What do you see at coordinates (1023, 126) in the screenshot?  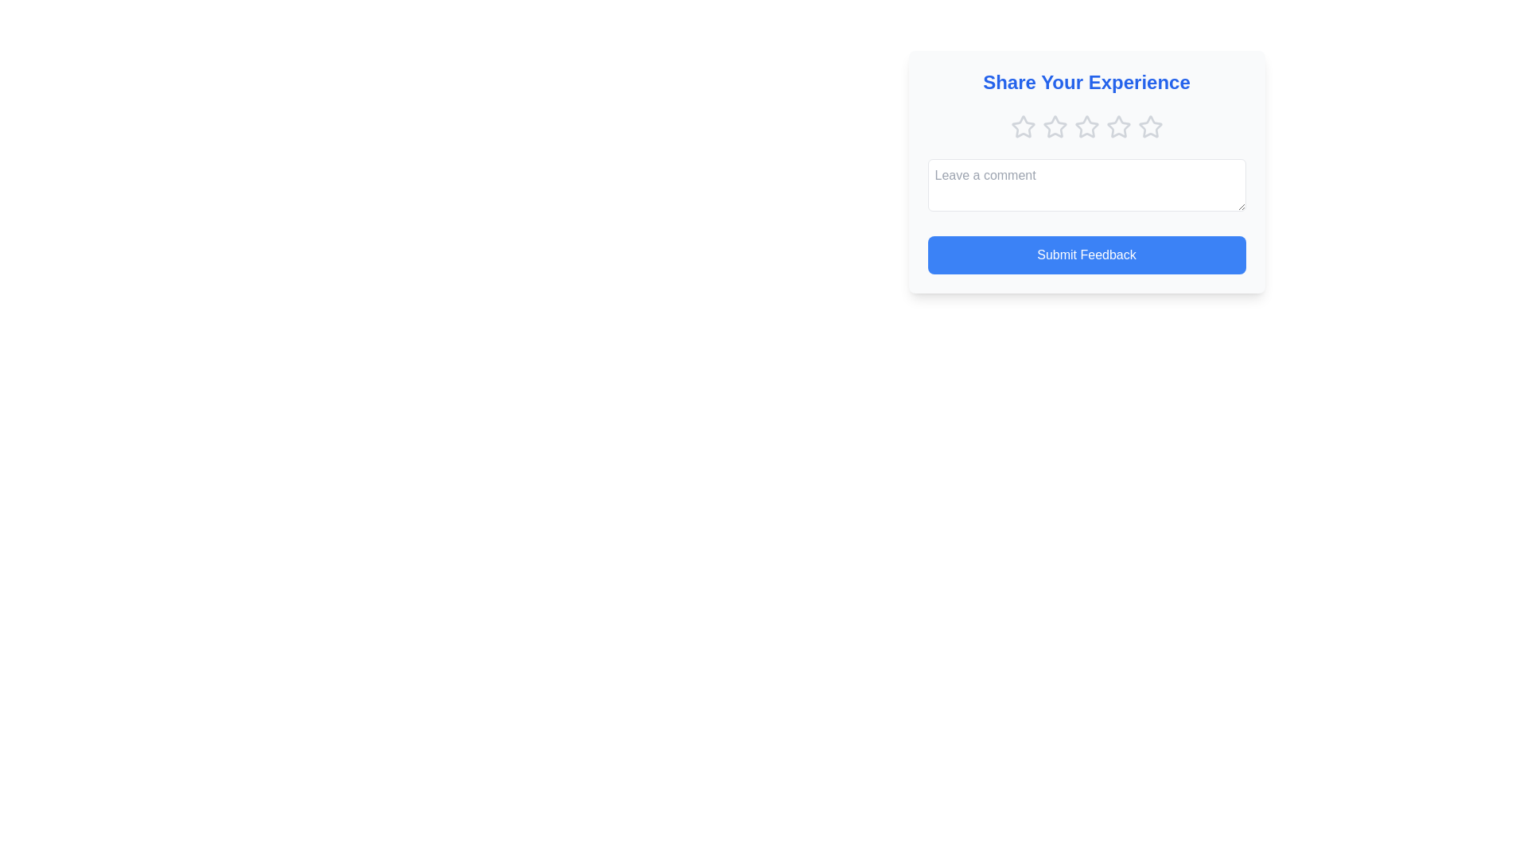 I see `the first star in the horizontal row of five identical stars` at bounding box center [1023, 126].